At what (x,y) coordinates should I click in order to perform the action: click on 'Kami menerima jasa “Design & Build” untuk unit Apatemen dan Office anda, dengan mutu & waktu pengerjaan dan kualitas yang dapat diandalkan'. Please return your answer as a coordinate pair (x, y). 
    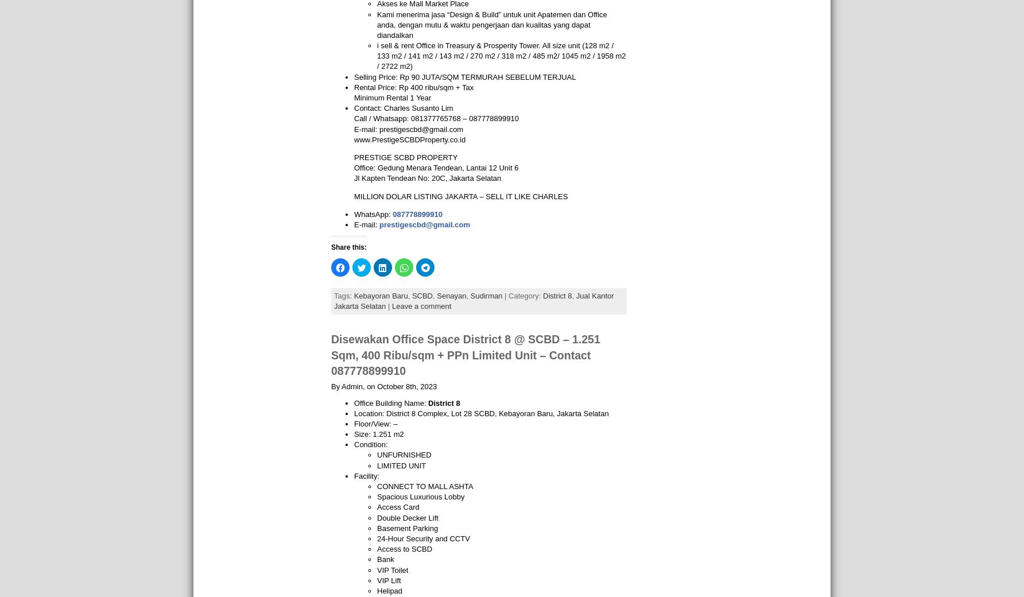
    Looking at the image, I should click on (491, 24).